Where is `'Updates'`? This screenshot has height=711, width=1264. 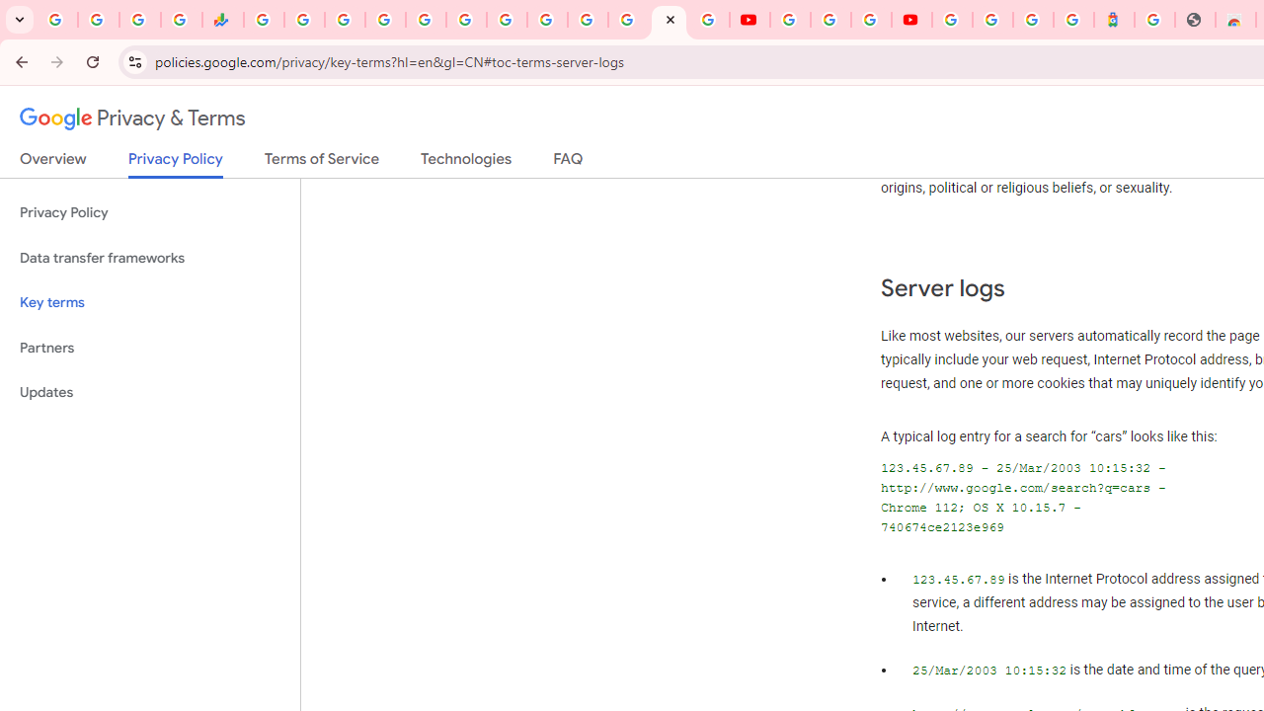 'Updates' is located at coordinates (149, 393).